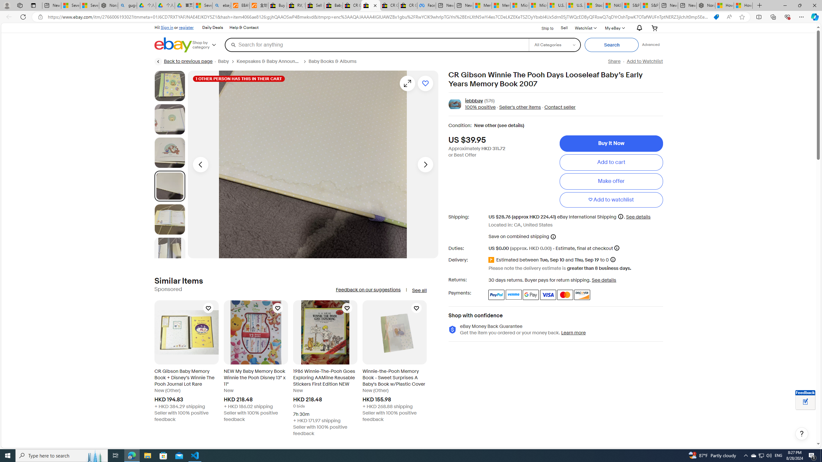 This screenshot has width=822, height=462. Describe the element at coordinates (611, 181) in the screenshot. I see `'Make offer'` at that location.